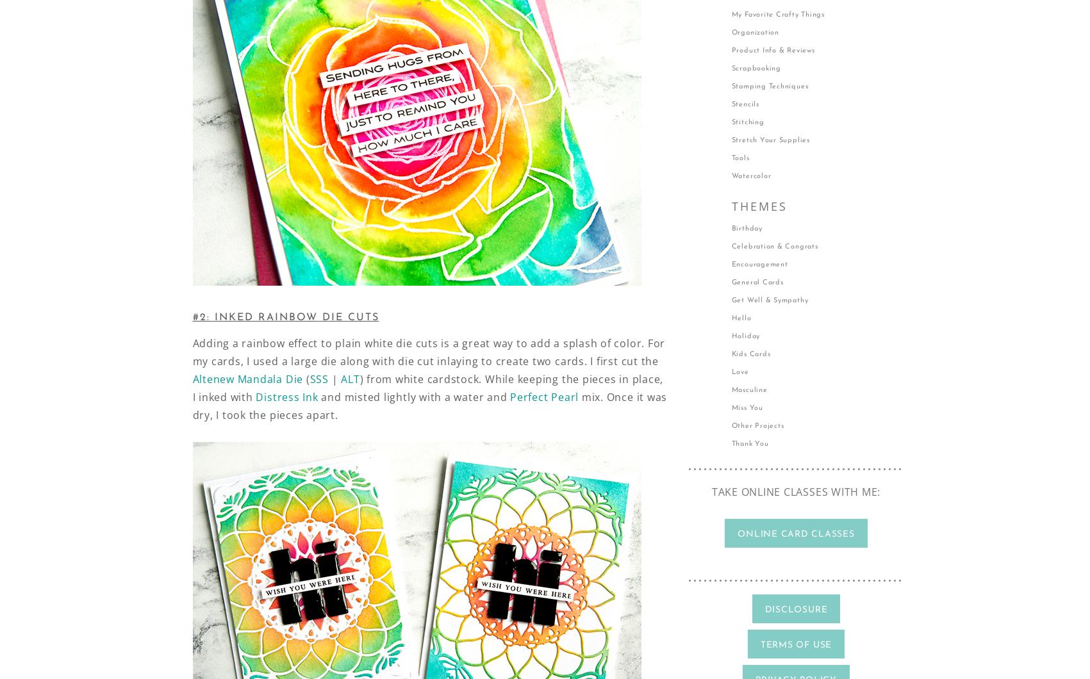 The height and width of the screenshot is (679, 1090). Describe the element at coordinates (318, 397) in the screenshot. I see `'and misted lightly with a water and'` at that location.